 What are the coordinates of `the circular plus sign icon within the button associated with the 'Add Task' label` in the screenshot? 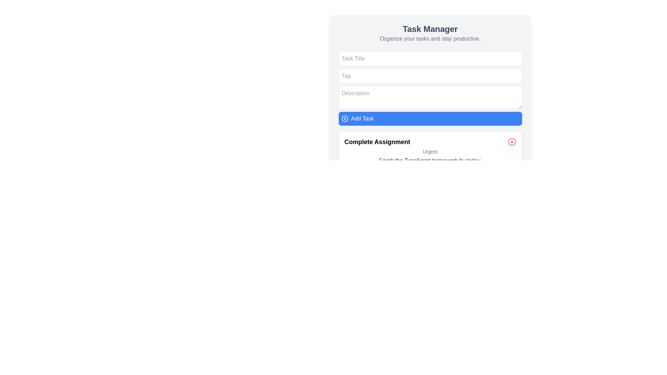 It's located at (345, 118).